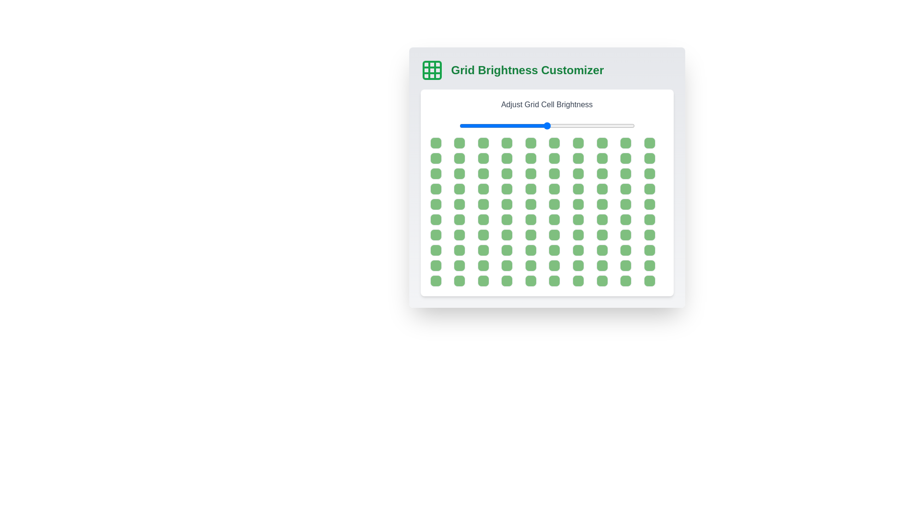 This screenshot has width=920, height=517. Describe the element at coordinates (520, 125) in the screenshot. I see `the brightness slider to 35%` at that location.